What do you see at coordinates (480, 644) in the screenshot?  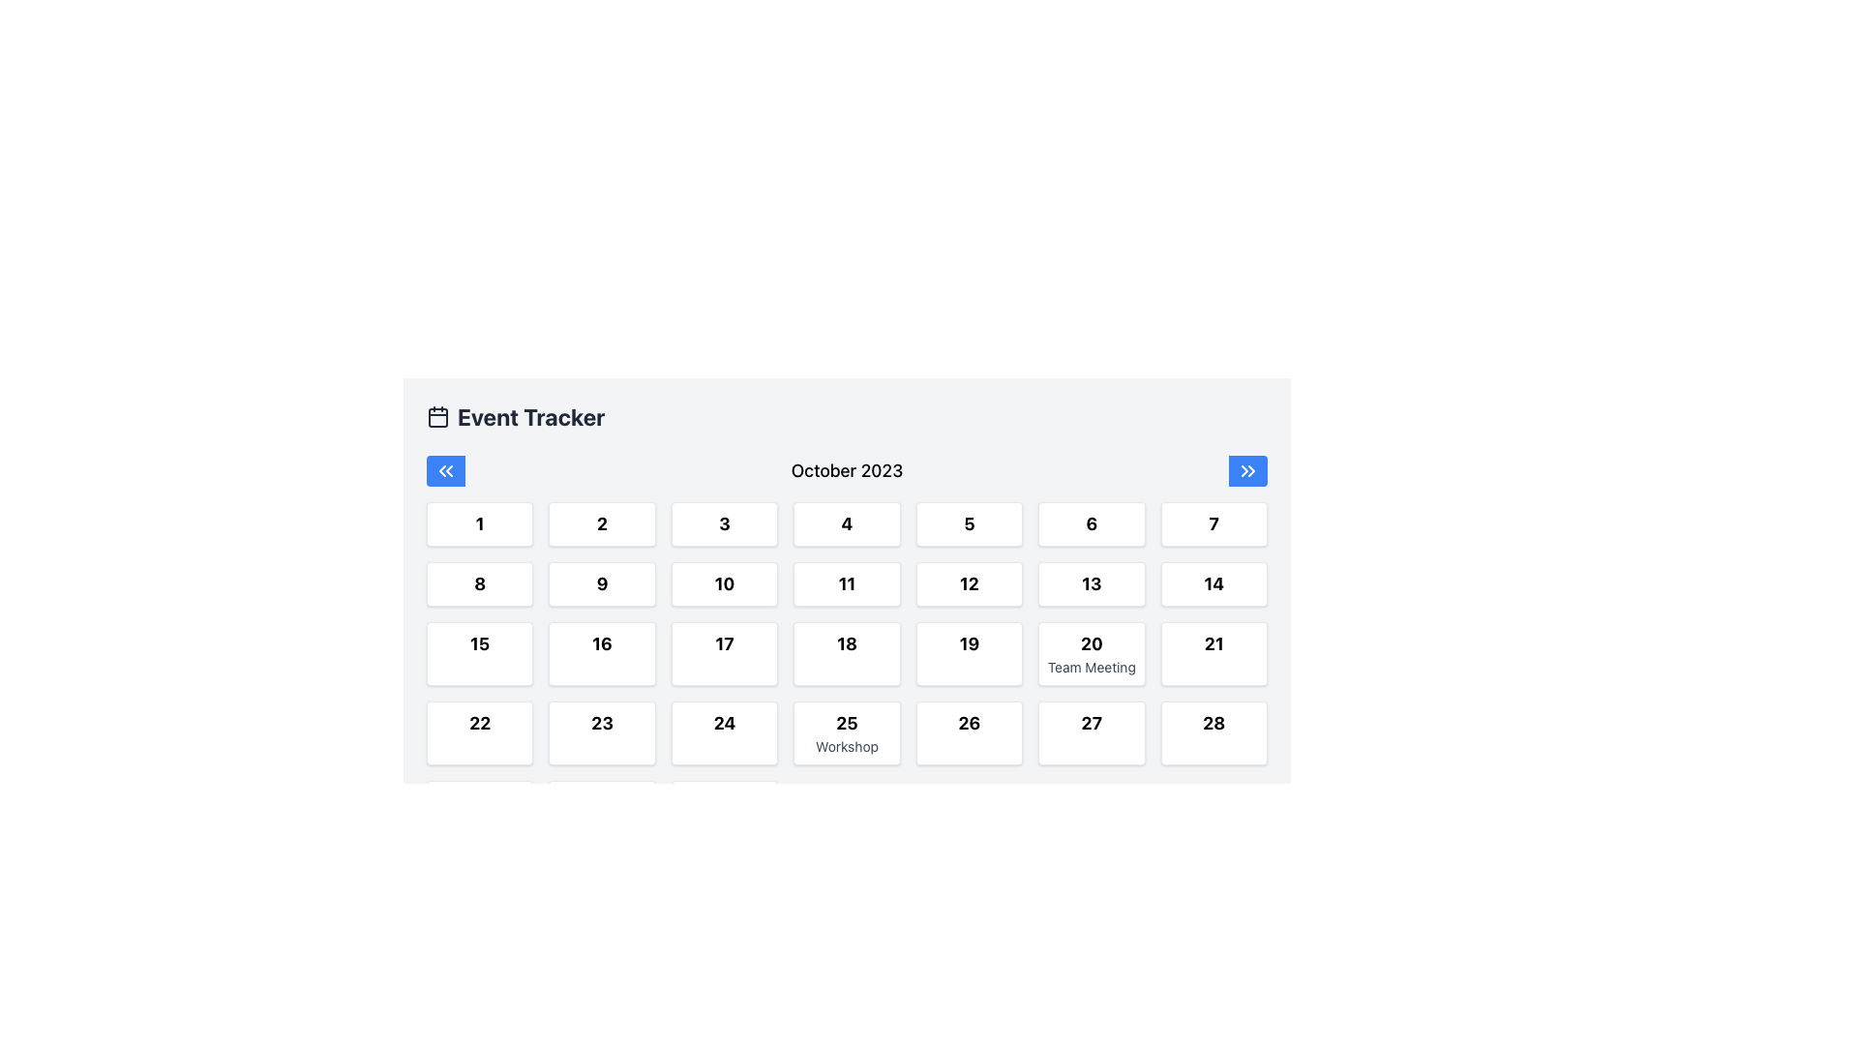 I see `the bold text displaying the number '15' in the calendar grid for October 2023, located in the fourth row and second column` at bounding box center [480, 644].